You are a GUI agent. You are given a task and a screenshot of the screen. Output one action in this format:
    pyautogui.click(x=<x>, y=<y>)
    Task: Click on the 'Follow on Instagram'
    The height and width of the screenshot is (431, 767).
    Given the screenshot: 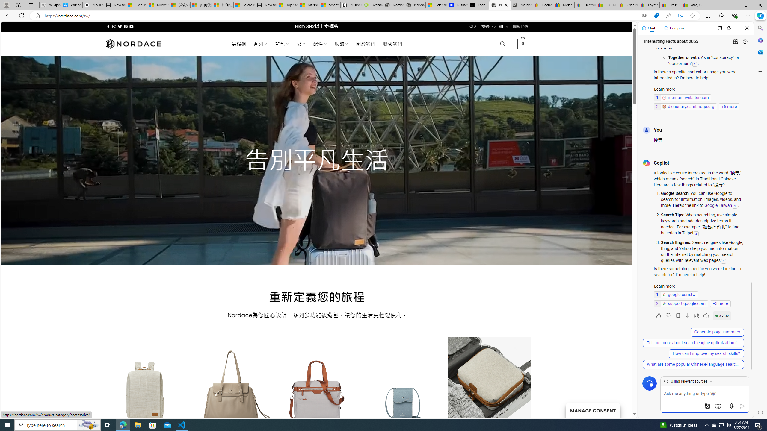 What is the action you would take?
    pyautogui.click(x=114, y=26)
    